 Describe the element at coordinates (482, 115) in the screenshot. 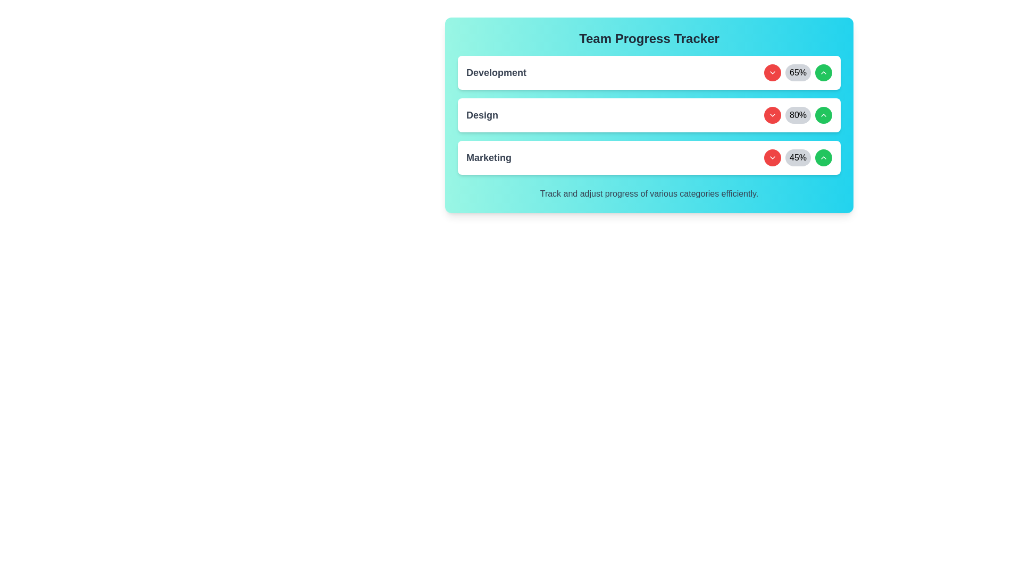

I see `'Design' section label of the progress tracker, which is located in the middle of three trackers, below 'Development' and above 'Marketing'` at that location.